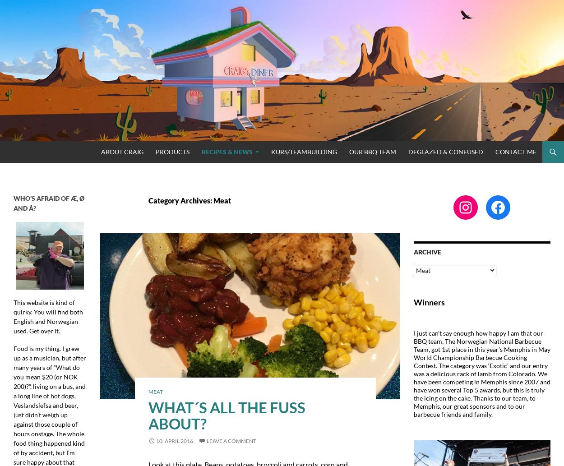 This screenshot has width=564, height=466. What do you see at coordinates (304, 151) in the screenshot?
I see `'Kurs/Teambuilding'` at bounding box center [304, 151].